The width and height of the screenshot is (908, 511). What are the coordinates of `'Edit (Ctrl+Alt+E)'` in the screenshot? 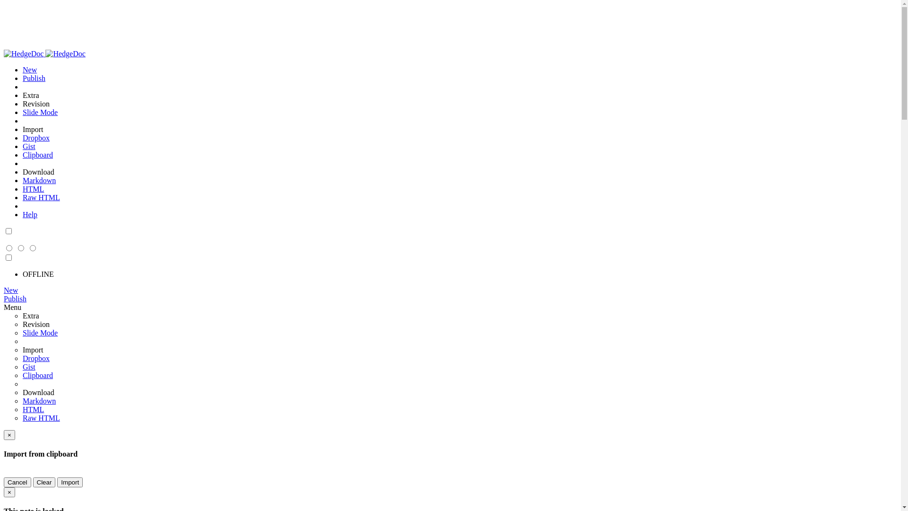 It's located at (32, 248).